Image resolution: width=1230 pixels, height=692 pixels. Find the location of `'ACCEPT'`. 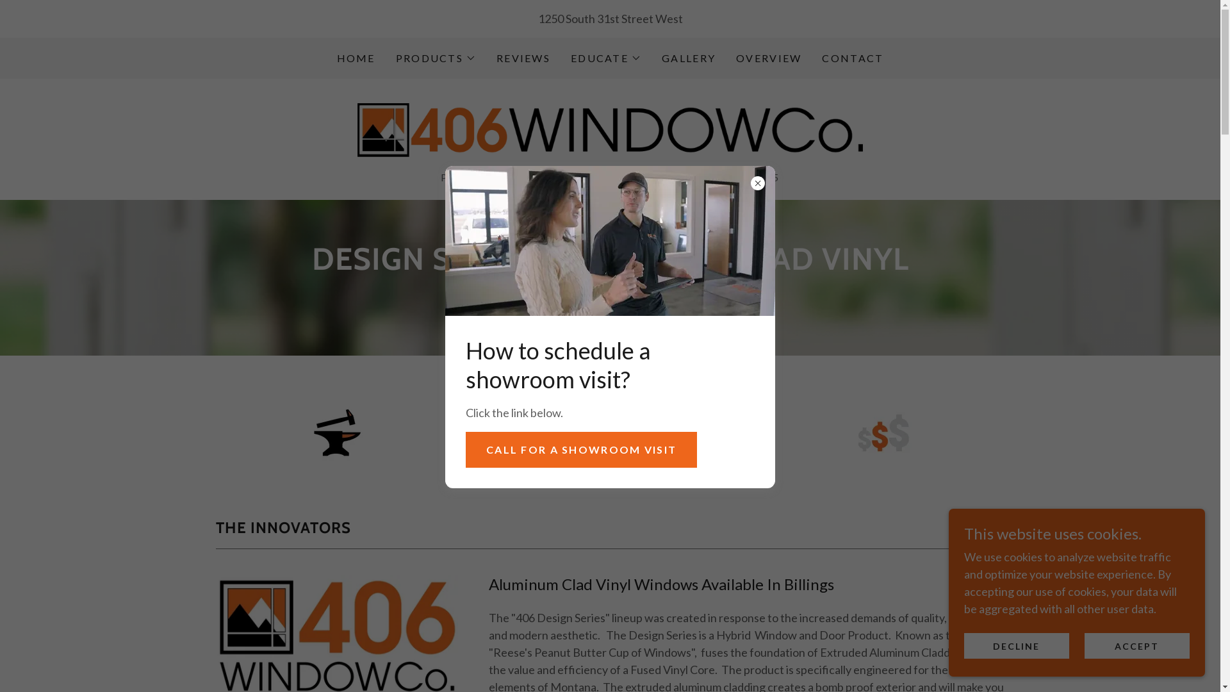

'ACCEPT' is located at coordinates (1137, 645).